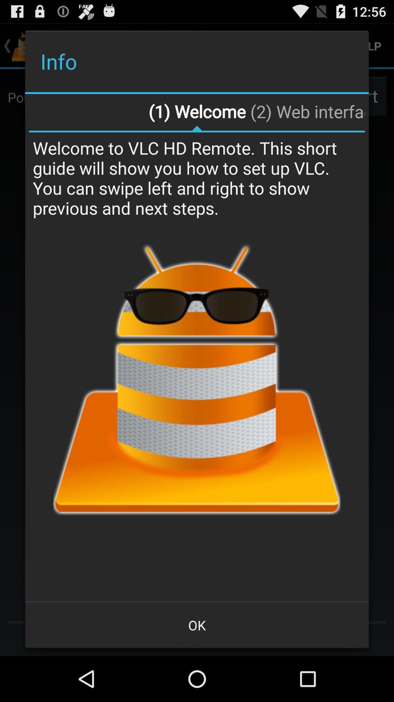  Describe the element at coordinates (197, 624) in the screenshot. I see `the ok item` at that location.